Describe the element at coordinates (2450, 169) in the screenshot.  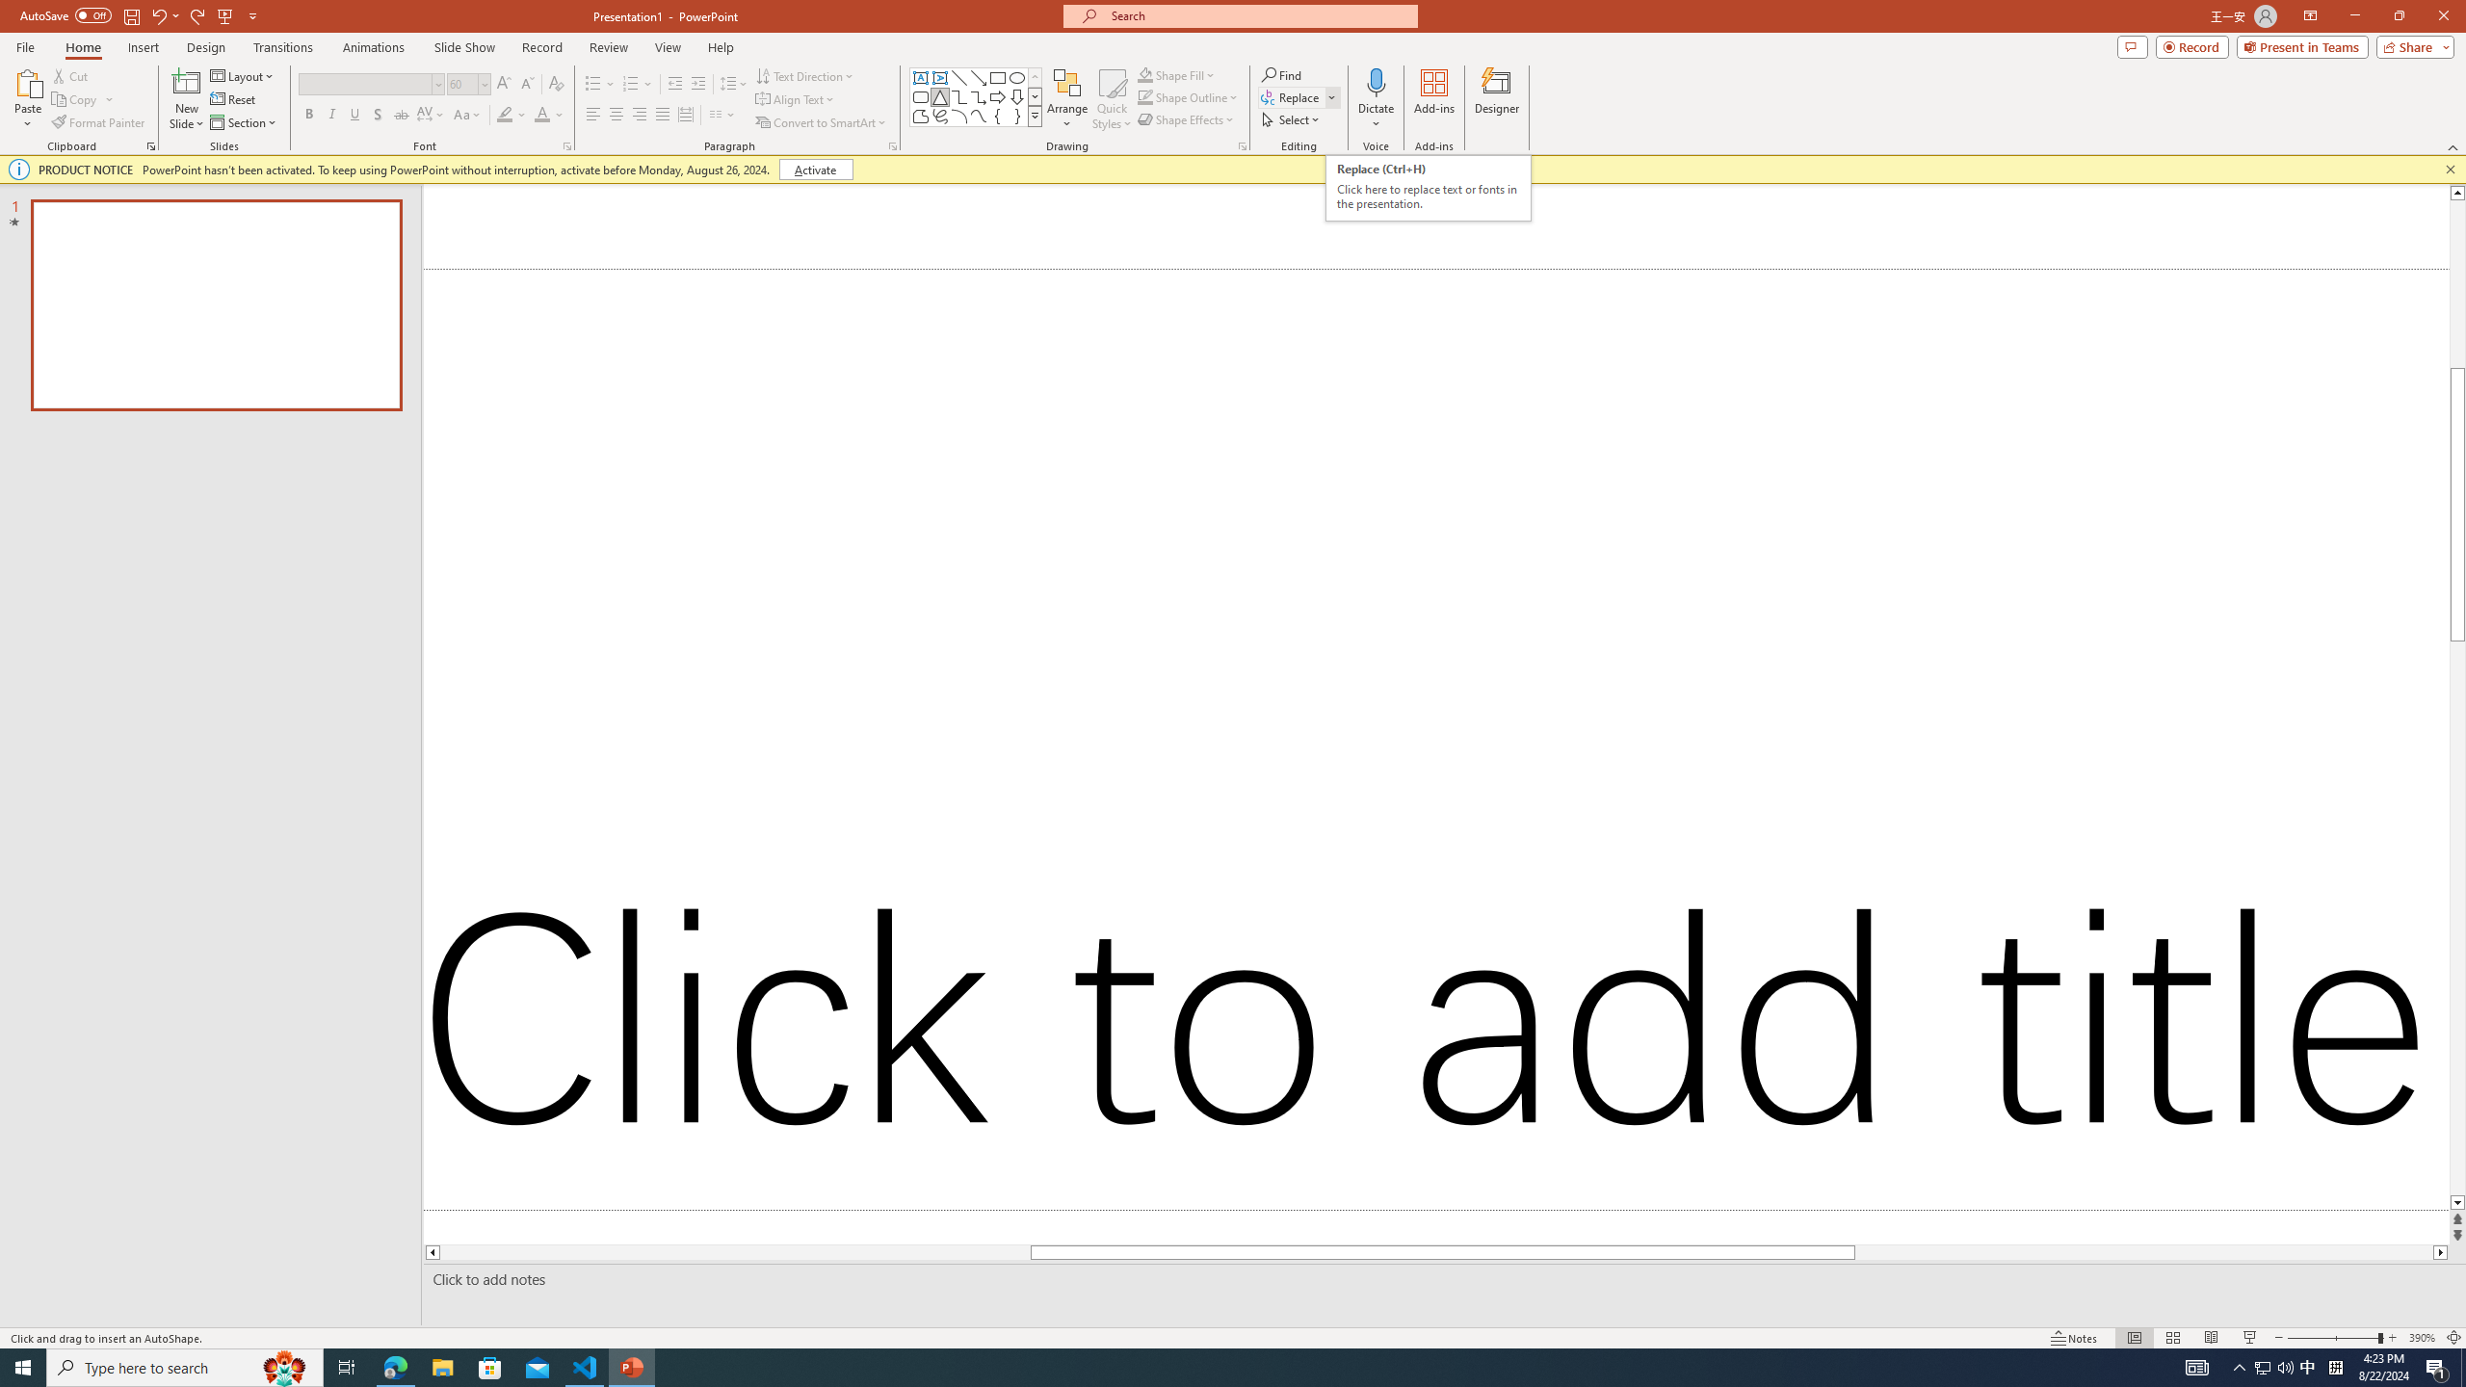
I see `'Close this message'` at that location.